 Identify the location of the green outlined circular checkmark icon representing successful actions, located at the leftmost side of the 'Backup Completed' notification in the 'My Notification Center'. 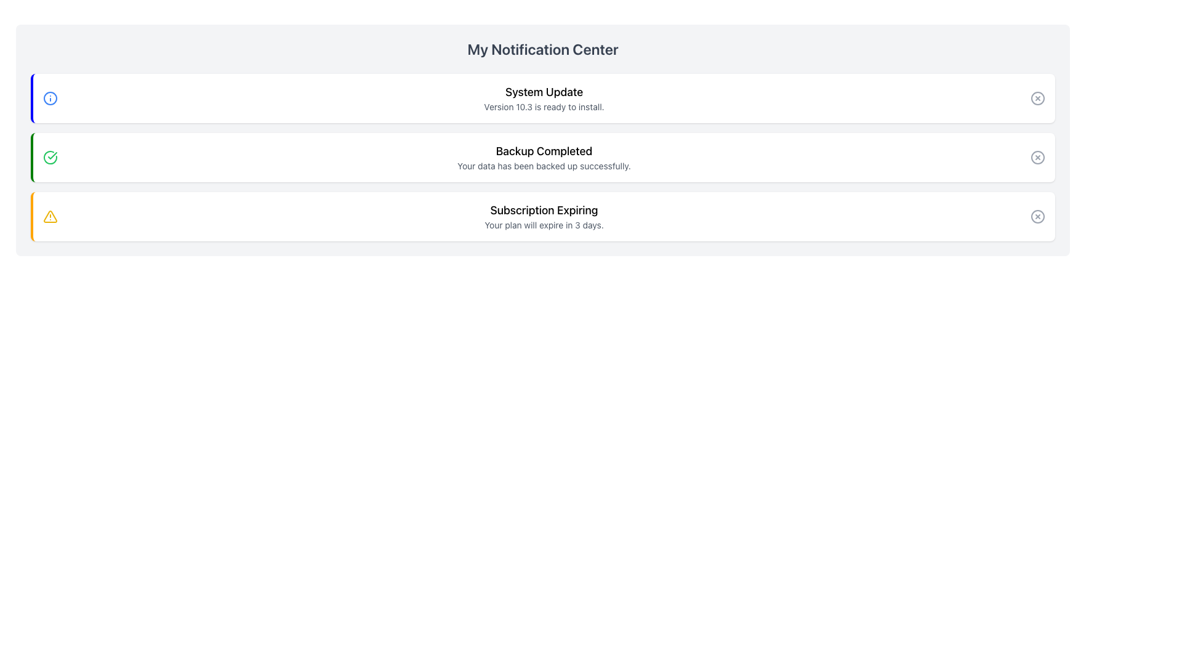
(49, 156).